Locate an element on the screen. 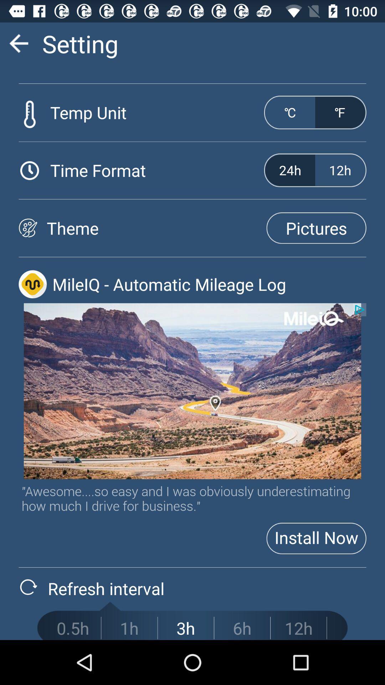  app next to 3h icon is located at coordinates (242, 628).